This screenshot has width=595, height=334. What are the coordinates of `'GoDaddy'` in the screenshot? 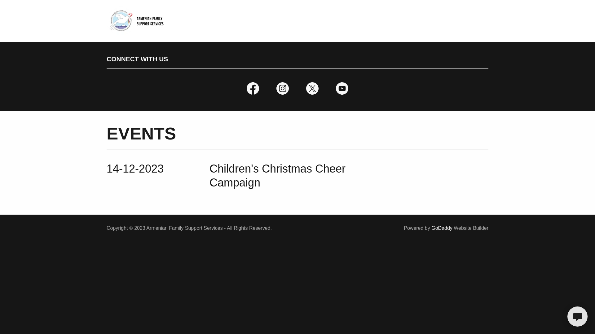 It's located at (431, 228).